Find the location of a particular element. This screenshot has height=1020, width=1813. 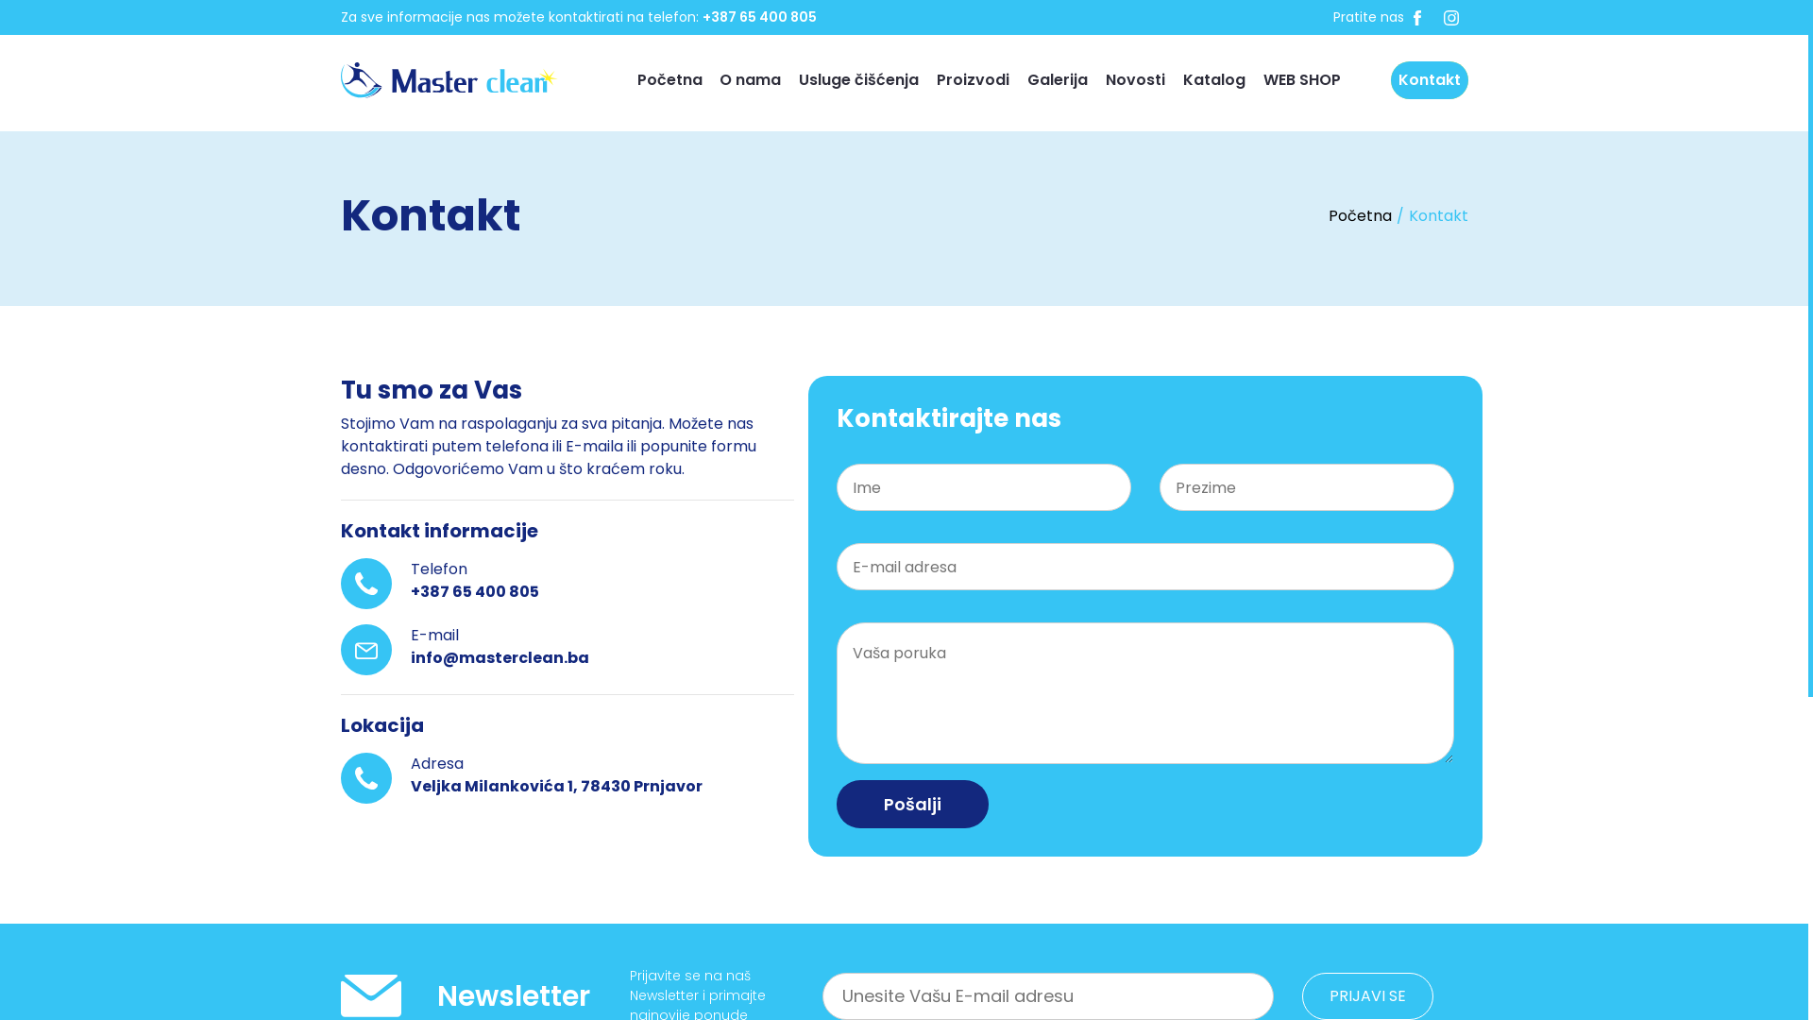

'O nama' is located at coordinates (749, 78).